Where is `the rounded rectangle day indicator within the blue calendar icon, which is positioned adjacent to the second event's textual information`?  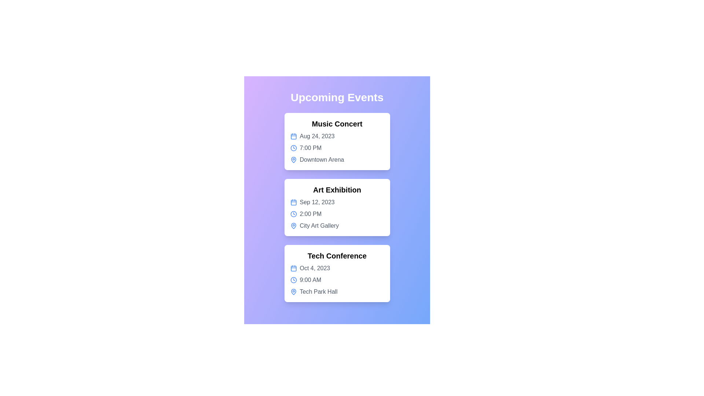
the rounded rectangle day indicator within the blue calendar icon, which is positioned adjacent to the second event's textual information is located at coordinates (293, 202).